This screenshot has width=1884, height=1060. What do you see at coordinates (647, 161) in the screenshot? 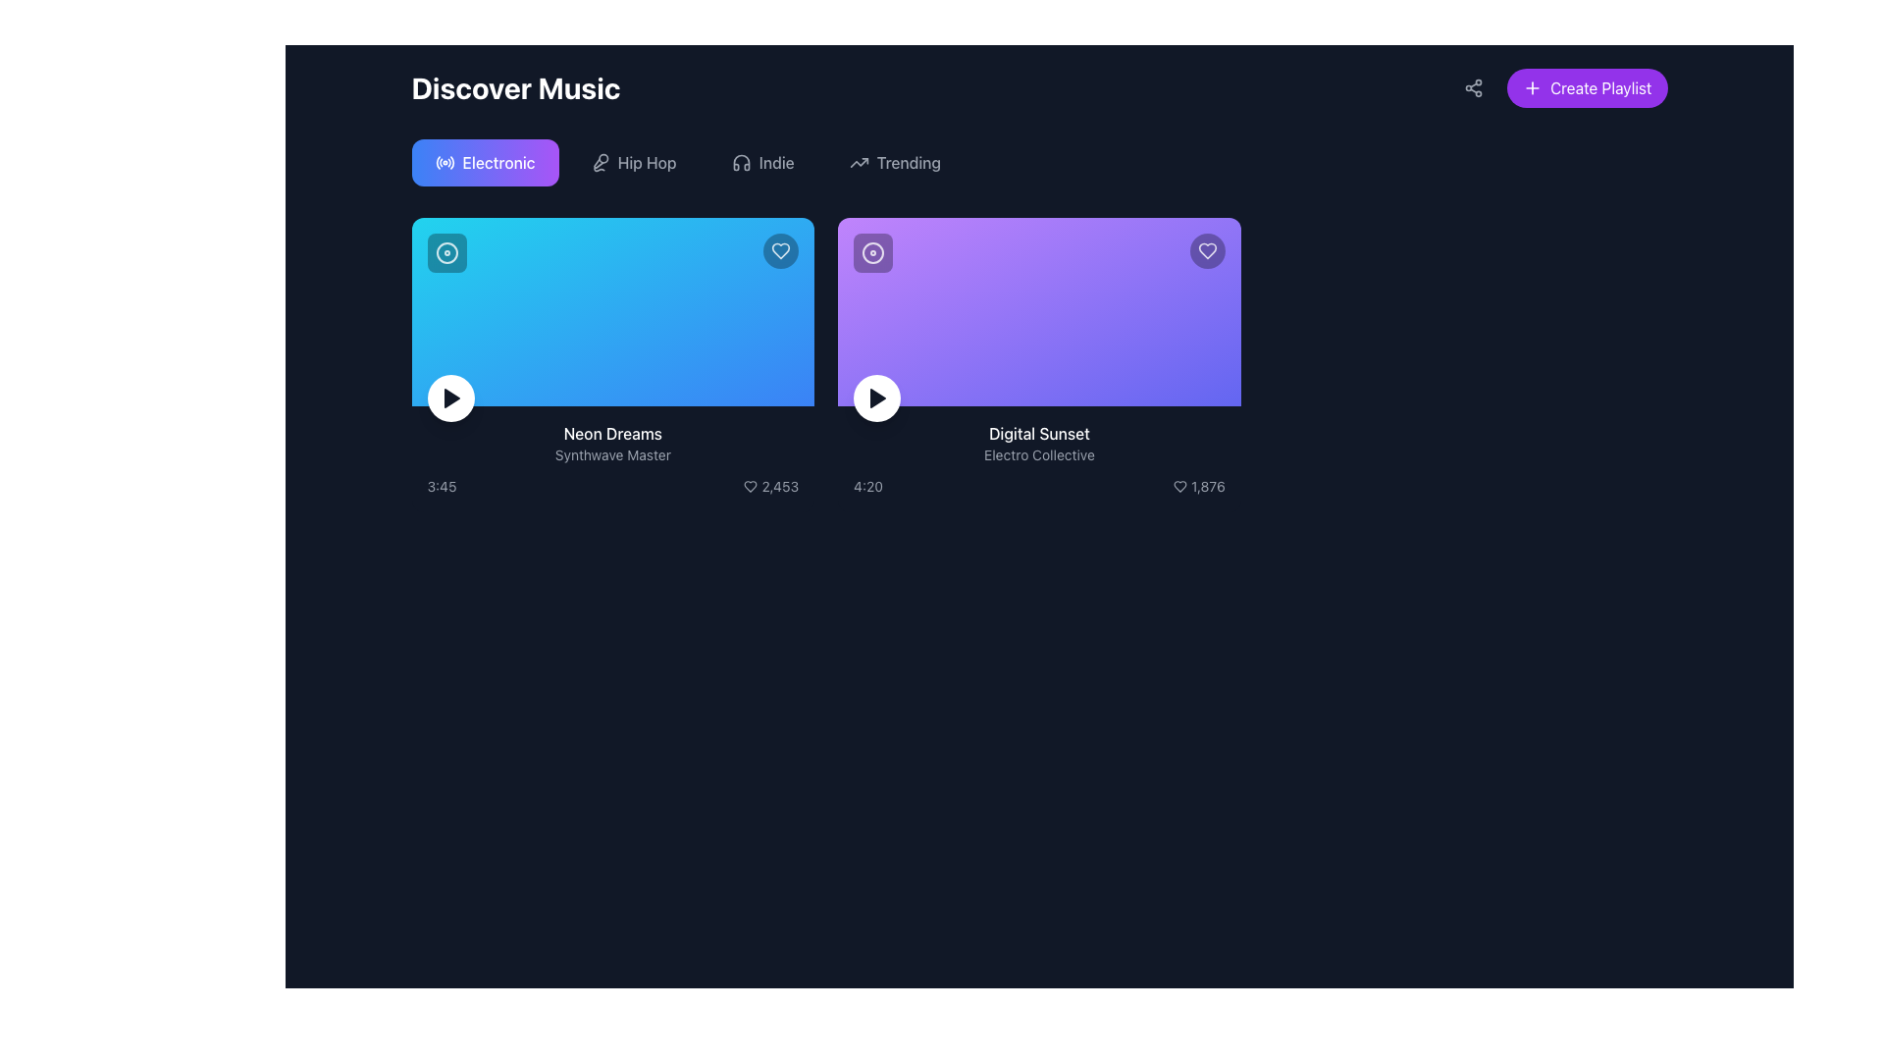
I see `the 'Hip Hop' text label in the top-centered navigation bar to observe visual feedback` at bounding box center [647, 161].